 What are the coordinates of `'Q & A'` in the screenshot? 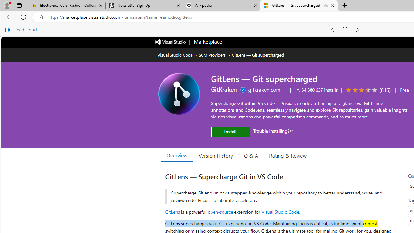 It's located at (251, 155).